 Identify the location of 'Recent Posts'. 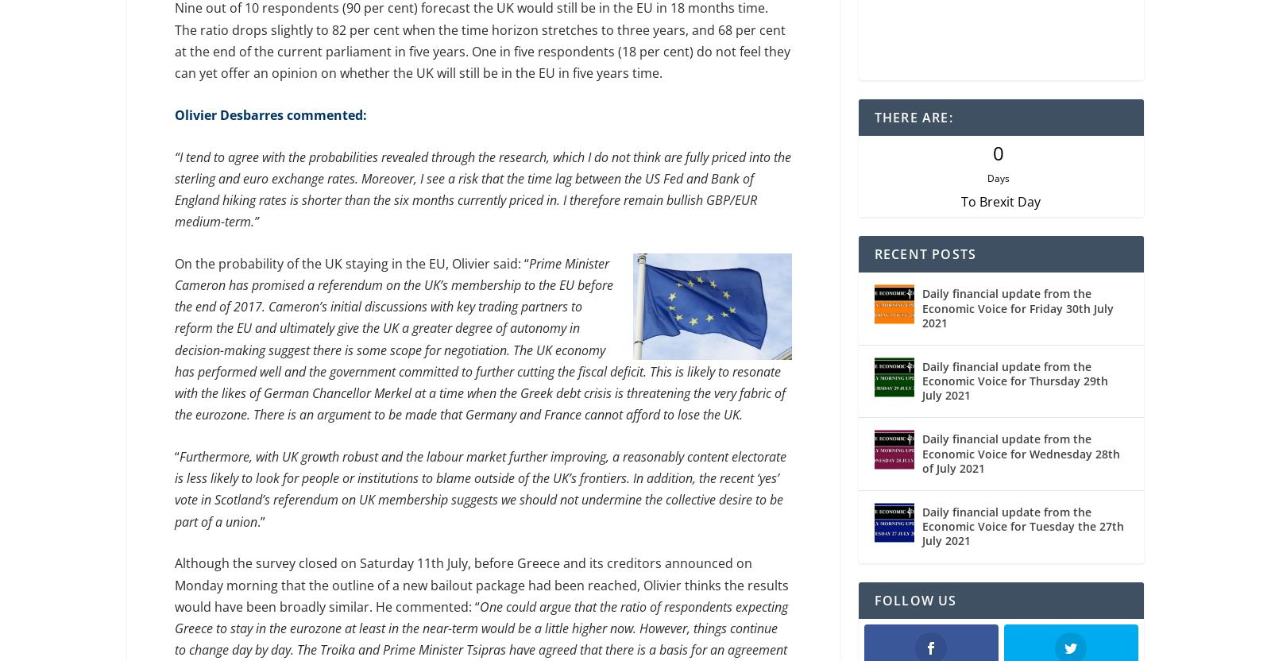
(874, 256).